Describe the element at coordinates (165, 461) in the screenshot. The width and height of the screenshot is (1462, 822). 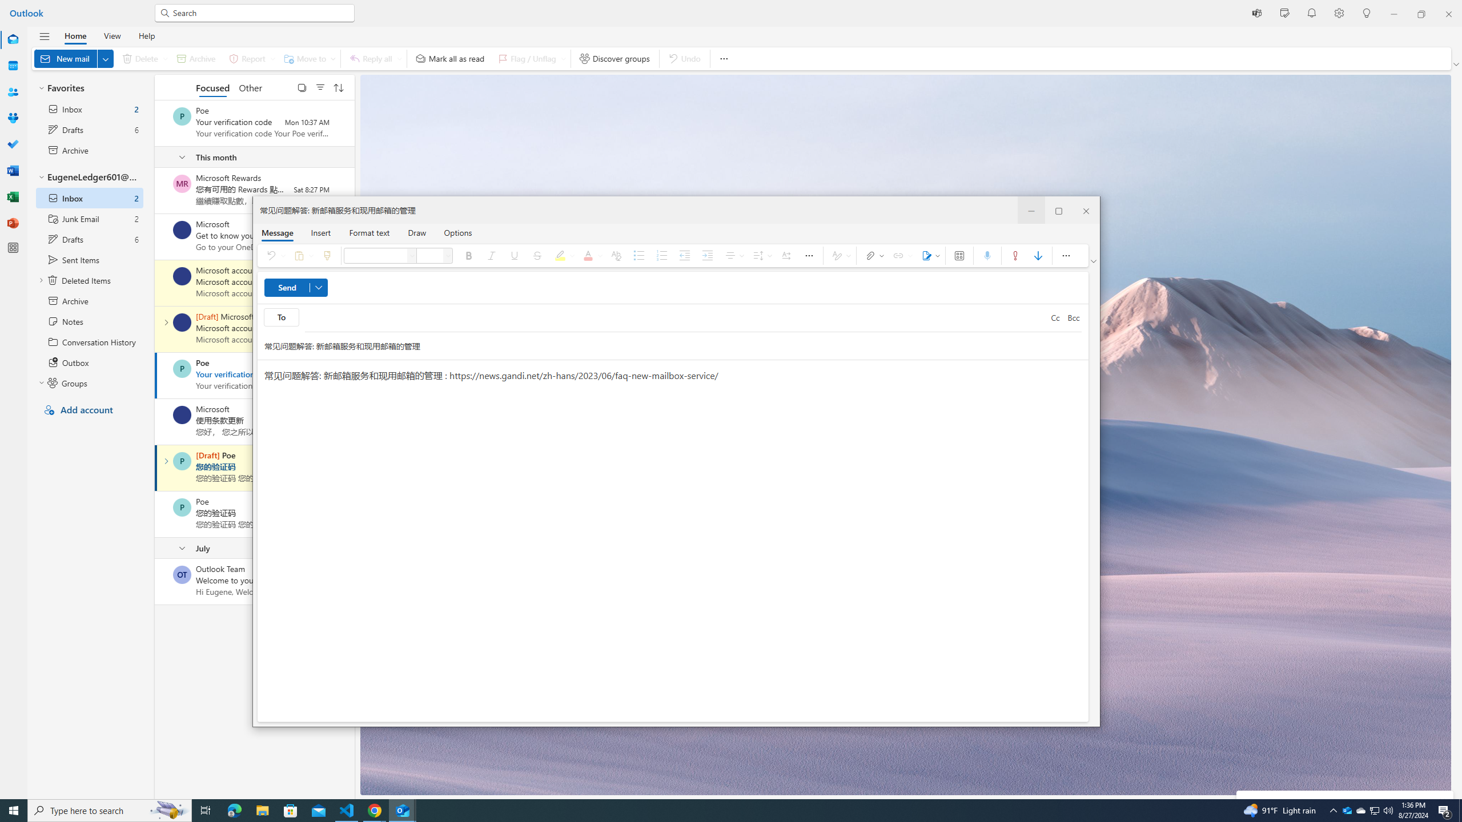
I see `'Expand conversation'` at that location.